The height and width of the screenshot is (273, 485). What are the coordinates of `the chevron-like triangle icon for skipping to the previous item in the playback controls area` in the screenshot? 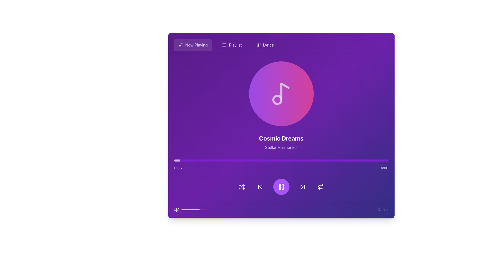 It's located at (260, 187).